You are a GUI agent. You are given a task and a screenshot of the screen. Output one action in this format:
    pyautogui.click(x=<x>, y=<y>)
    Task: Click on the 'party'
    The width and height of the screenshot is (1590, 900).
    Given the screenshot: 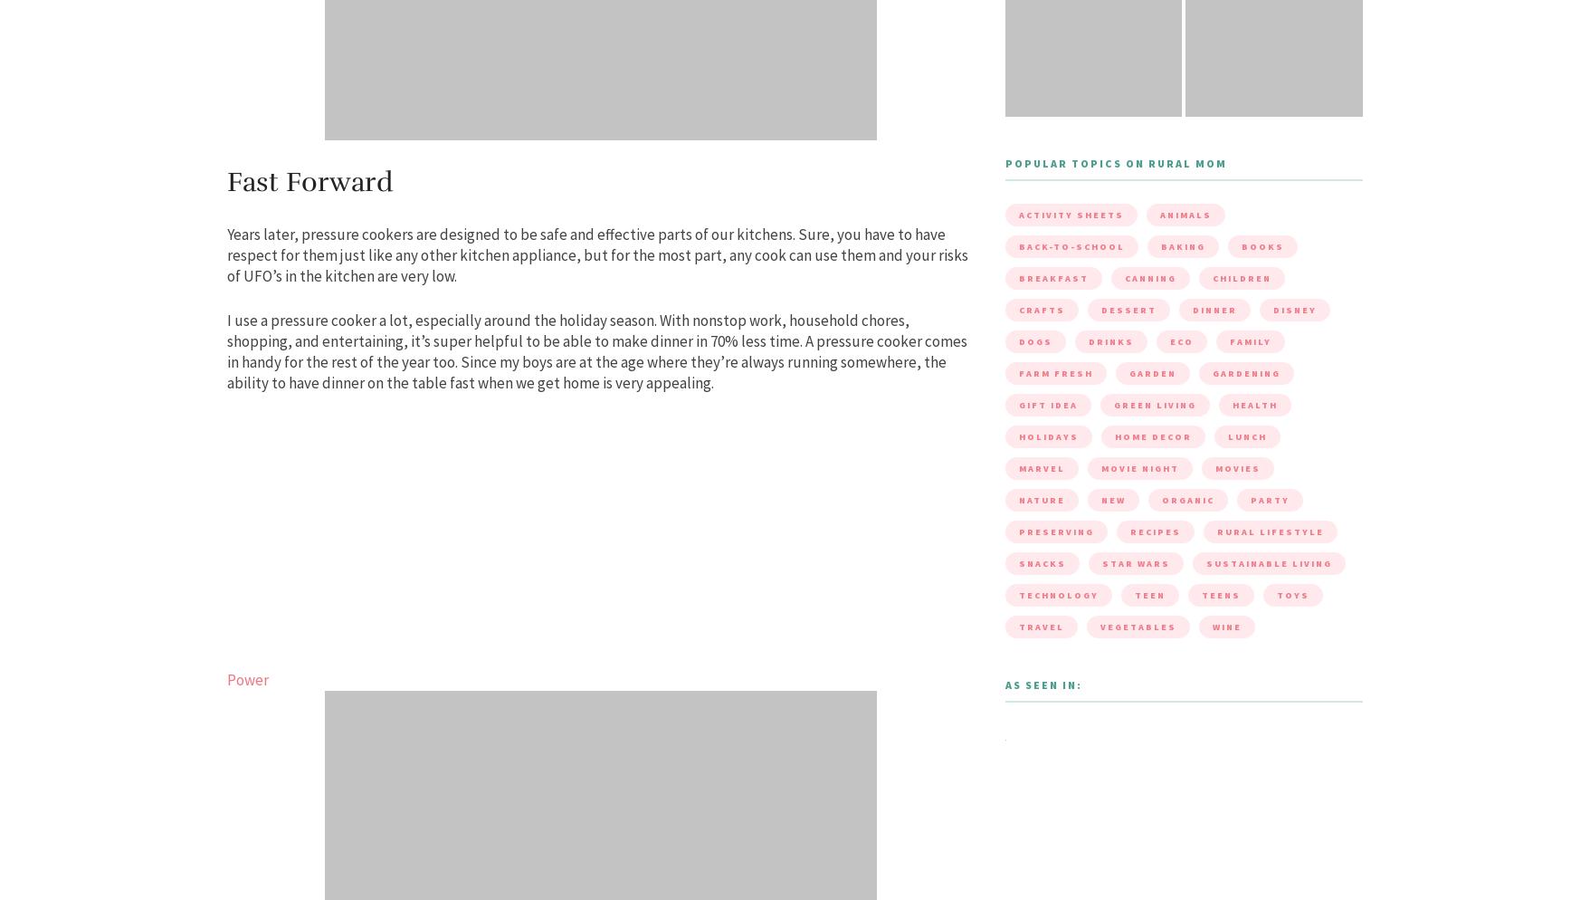 What is the action you would take?
    pyautogui.click(x=1268, y=499)
    